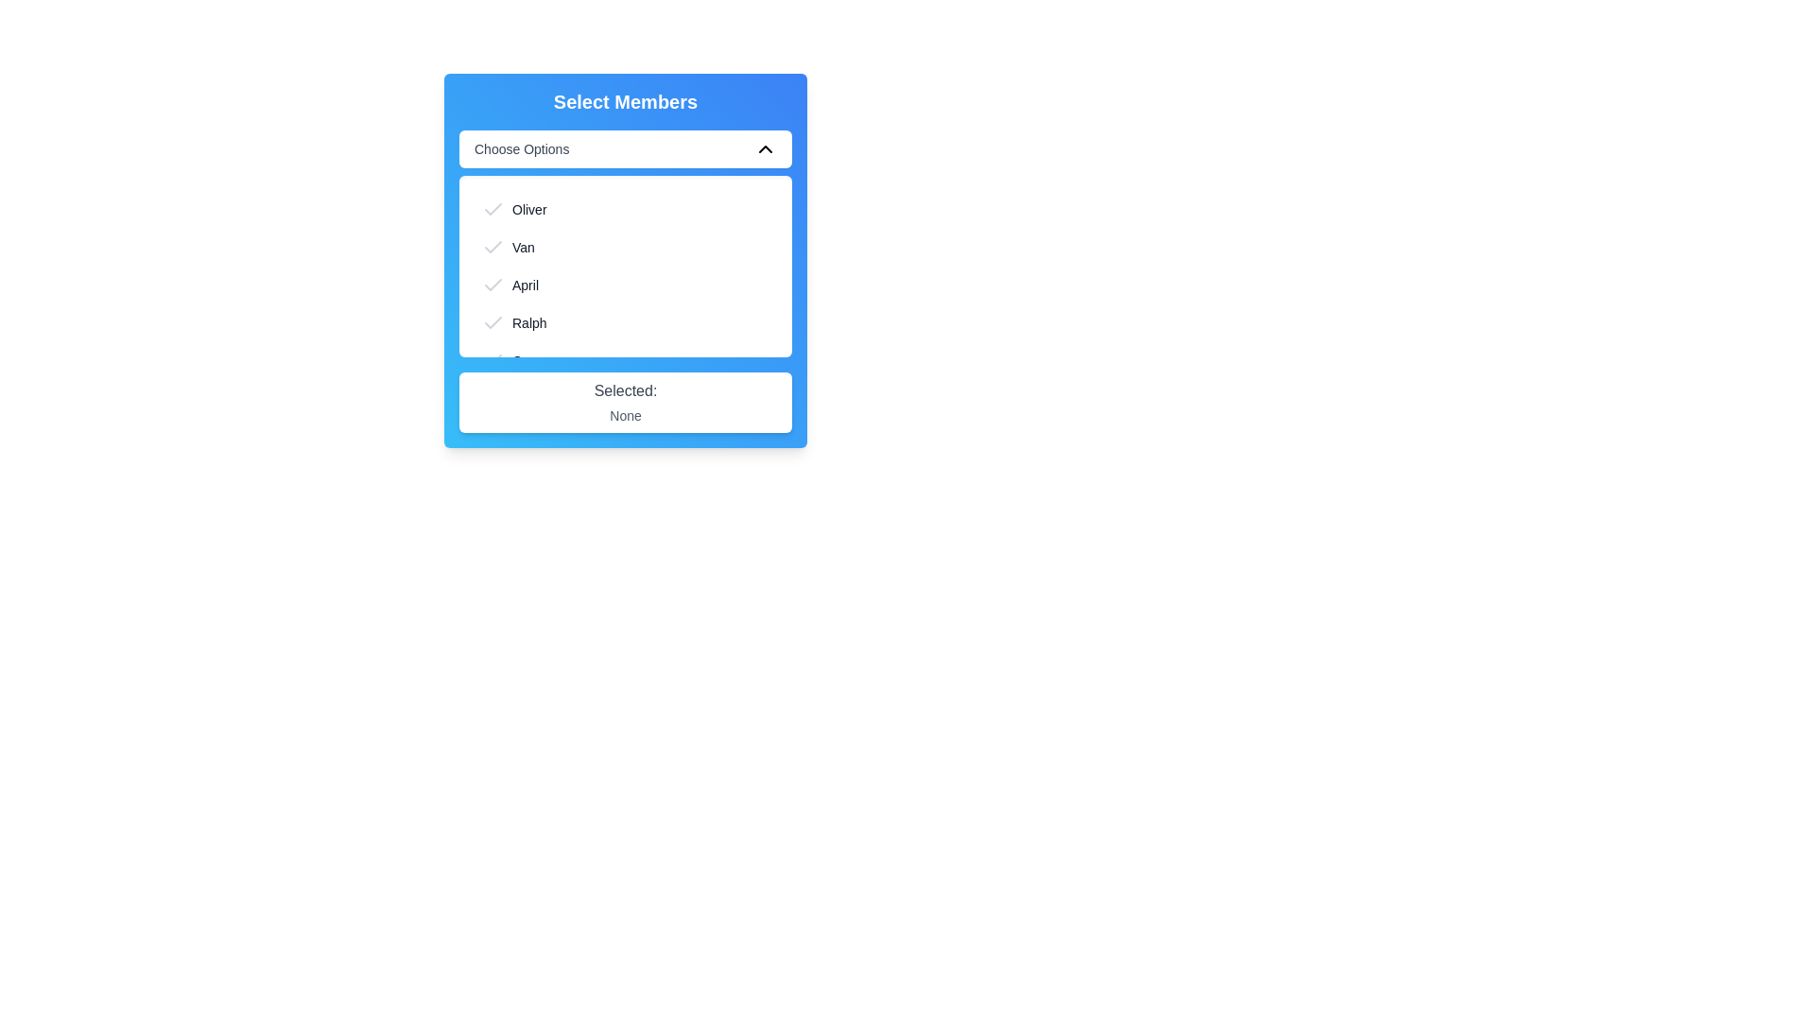 Image resolution: width=1815 pixels, height=1021 pixels. Describe the element at coordinates (493, 360) in the screenshot. I see `the checkmark icon located near the bottom of the dropdown panel, just above the 'Selected: None' text` at that location.